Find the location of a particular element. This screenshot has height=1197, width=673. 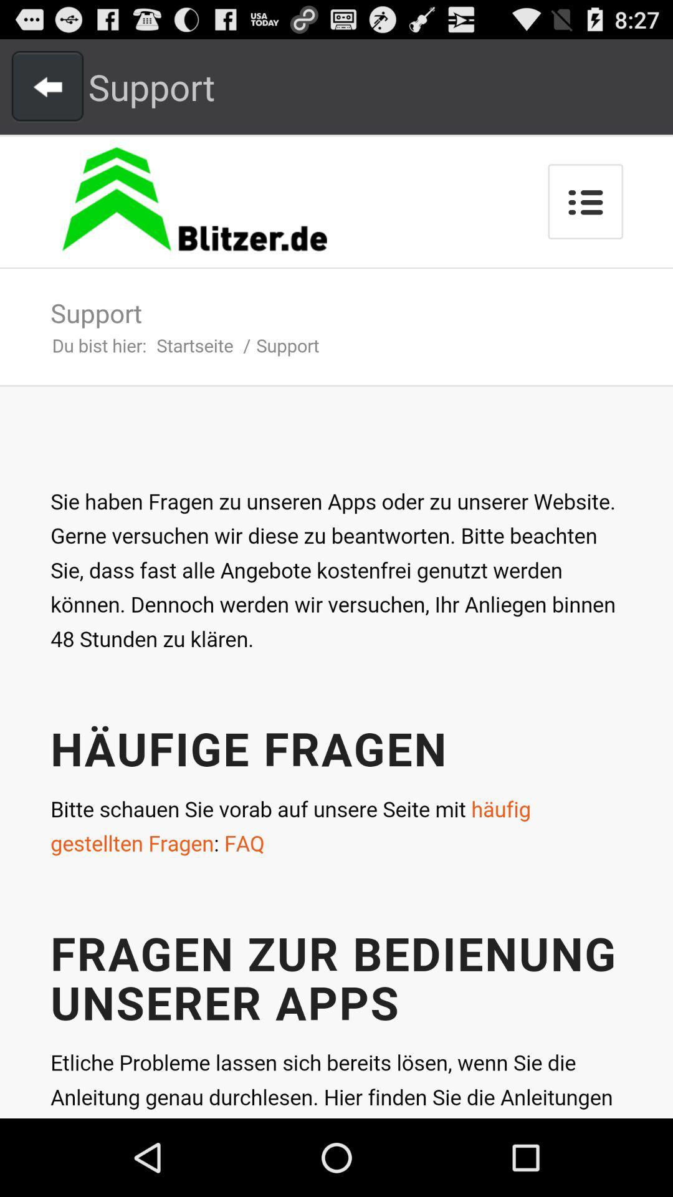

the arrow_backward icon is located at coordinates (47, 92).